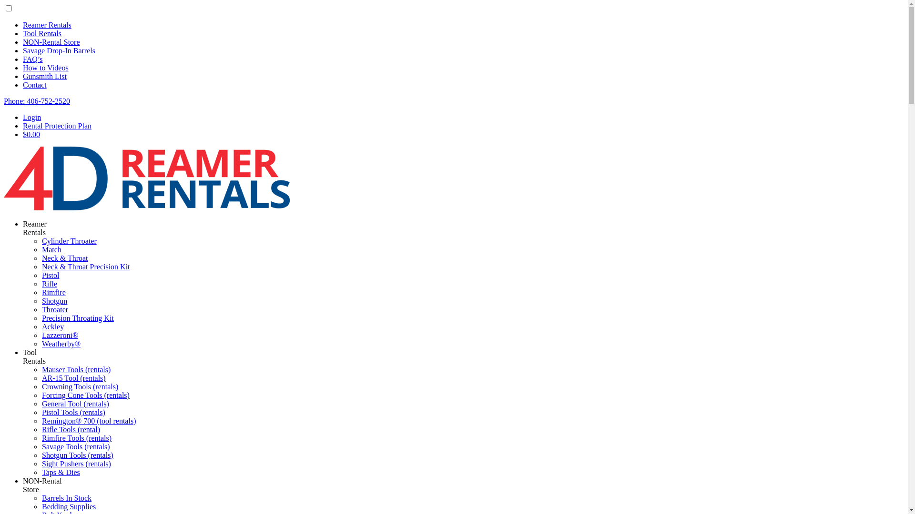 The width and height of the screenshot is (915, 514). What do you see at coordinates (51, 249) in the screenshot?
I see `'Match'` at bounding box center [51, 249].